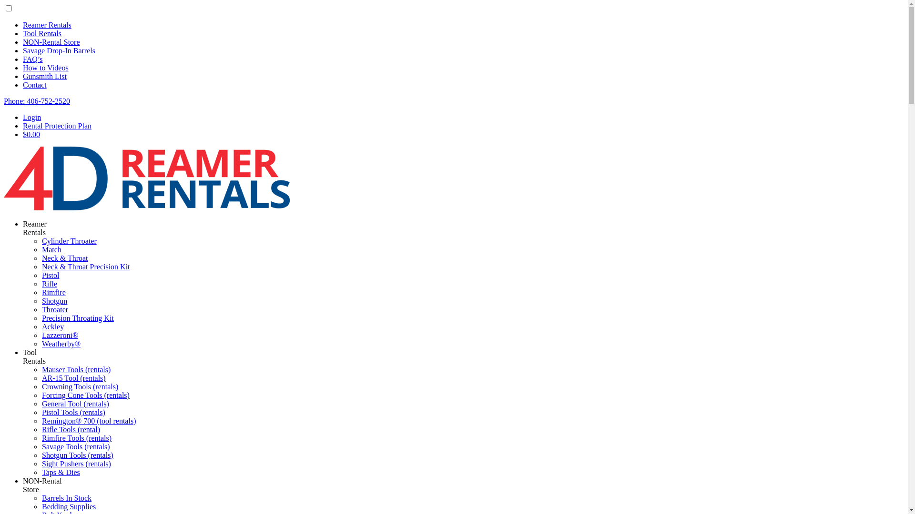 The width and height of the screenshot is (915, 514). What do you see at coordinates (51, 249) in the screenshot?
I see `'Match'` at bounding box center [51, 249].